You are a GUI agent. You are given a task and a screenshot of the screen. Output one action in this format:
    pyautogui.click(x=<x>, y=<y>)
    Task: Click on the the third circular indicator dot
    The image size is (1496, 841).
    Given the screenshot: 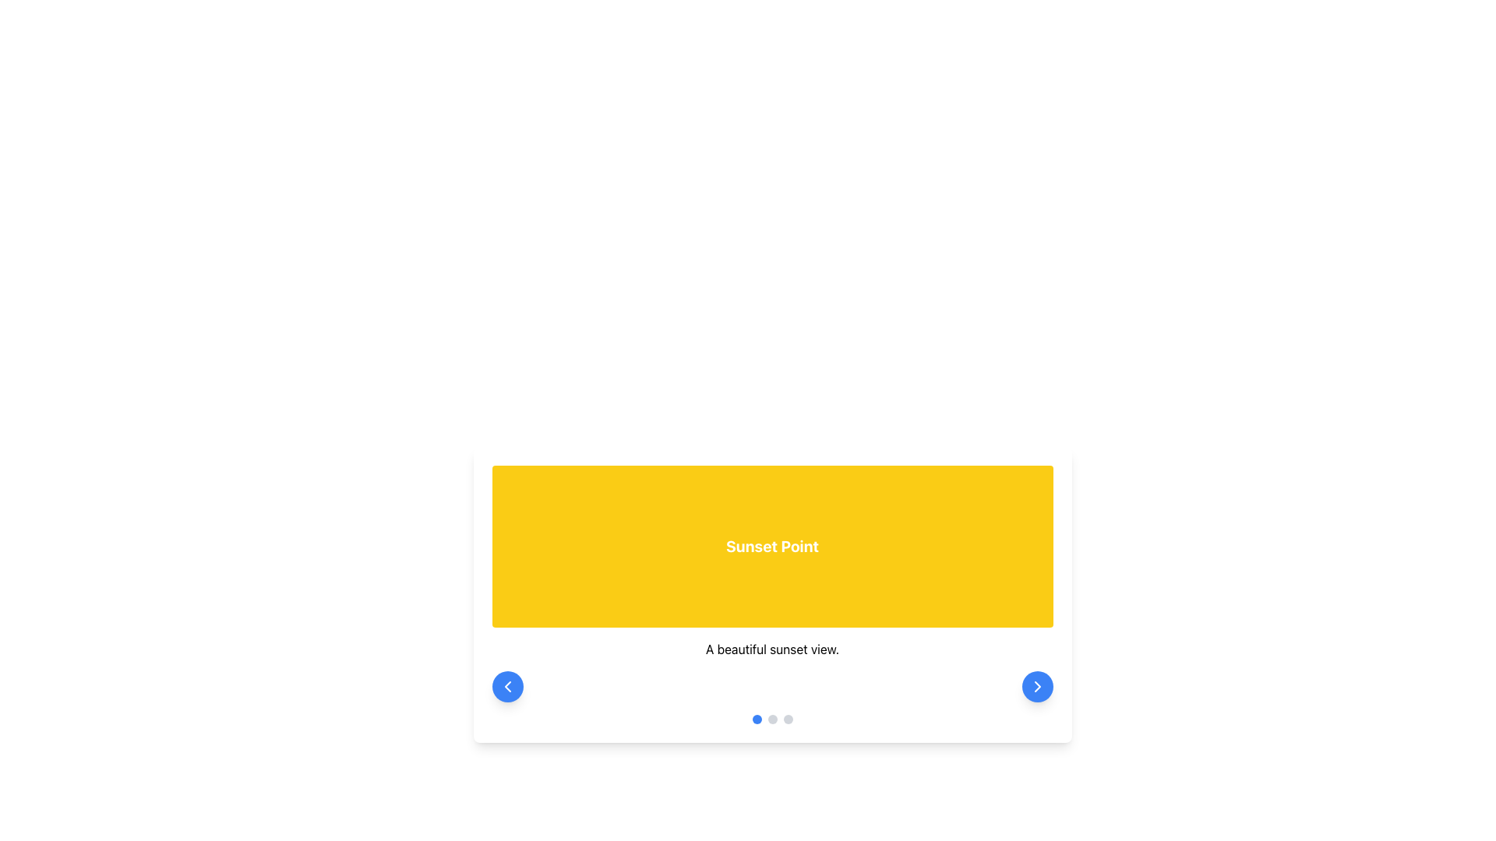 What is the action you would take?
    pyautogui.click(x=788, y=720)
    